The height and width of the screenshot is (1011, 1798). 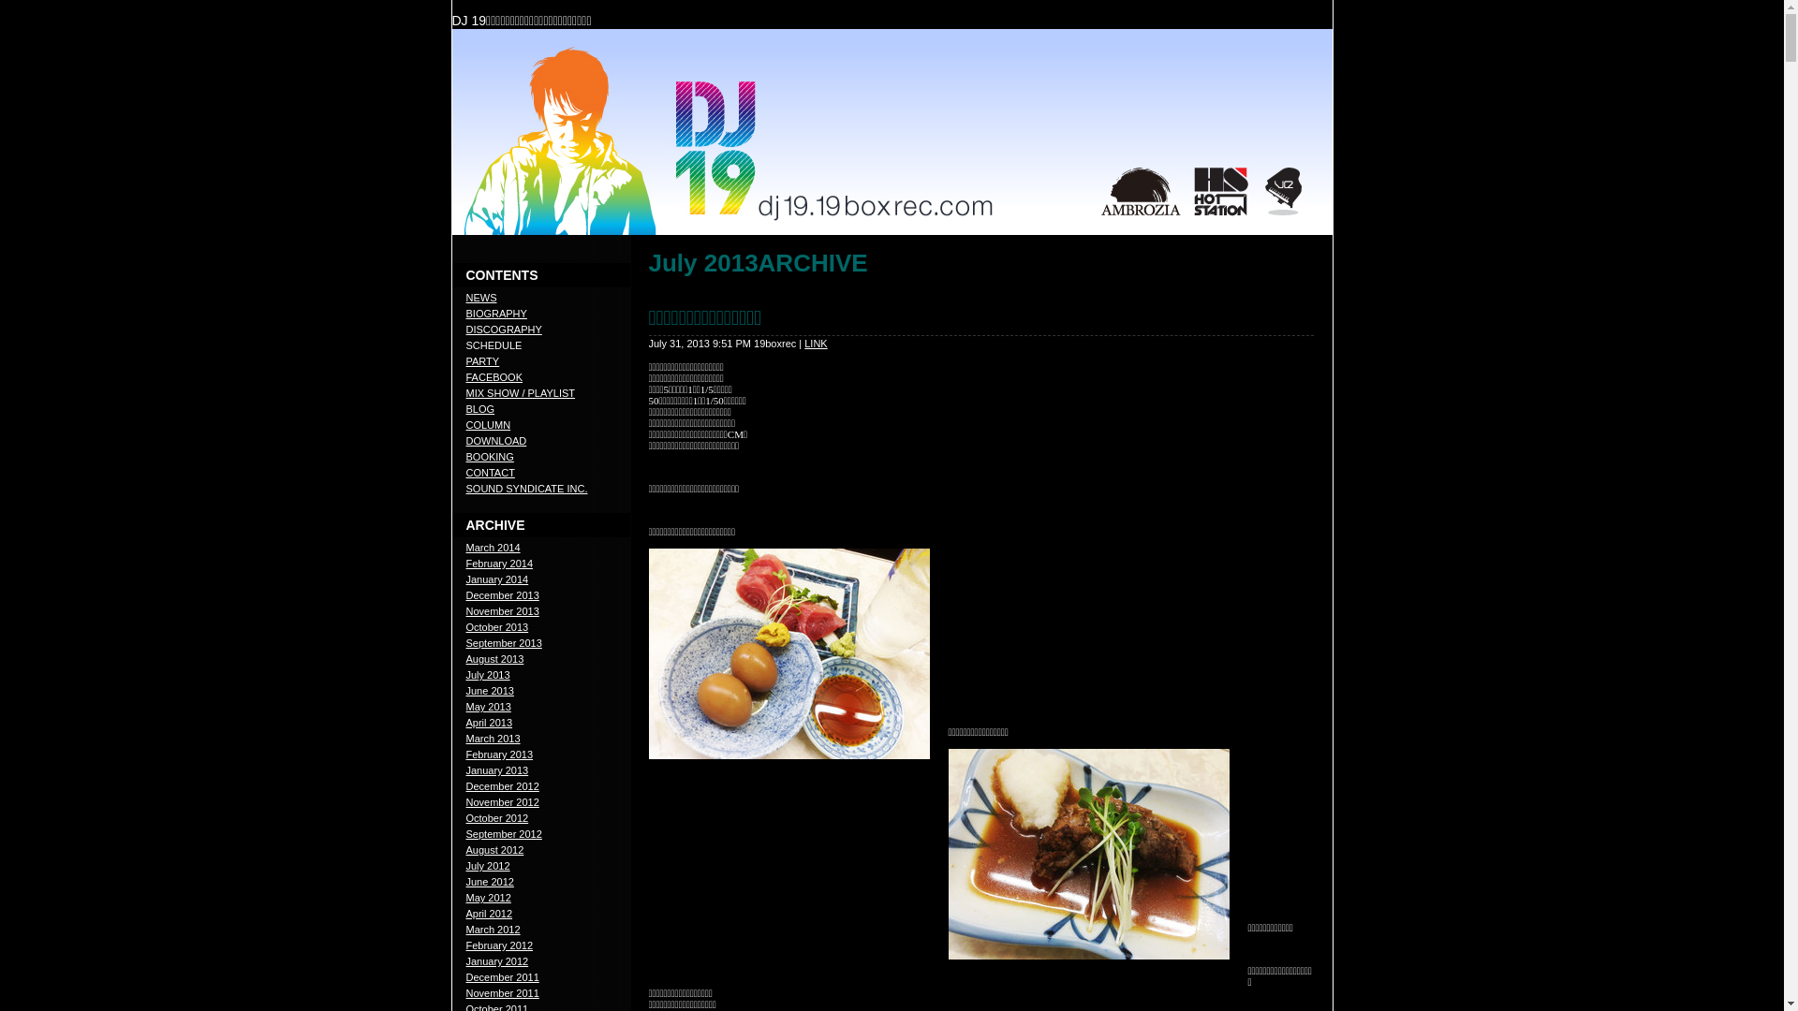 I want to click on 'BIOGRAPHY', so click(x=496, y=313).